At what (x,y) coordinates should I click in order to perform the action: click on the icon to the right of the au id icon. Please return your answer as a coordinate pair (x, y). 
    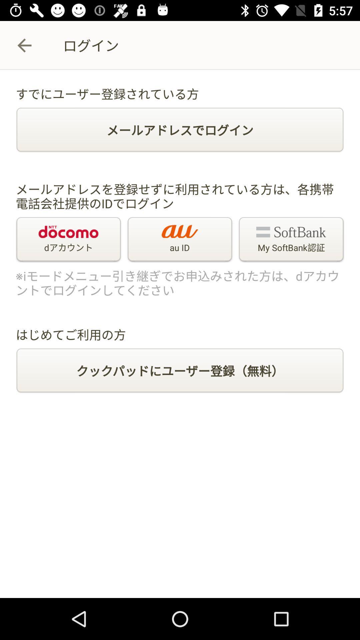
    Looking at the image, I should click on (291, 240).